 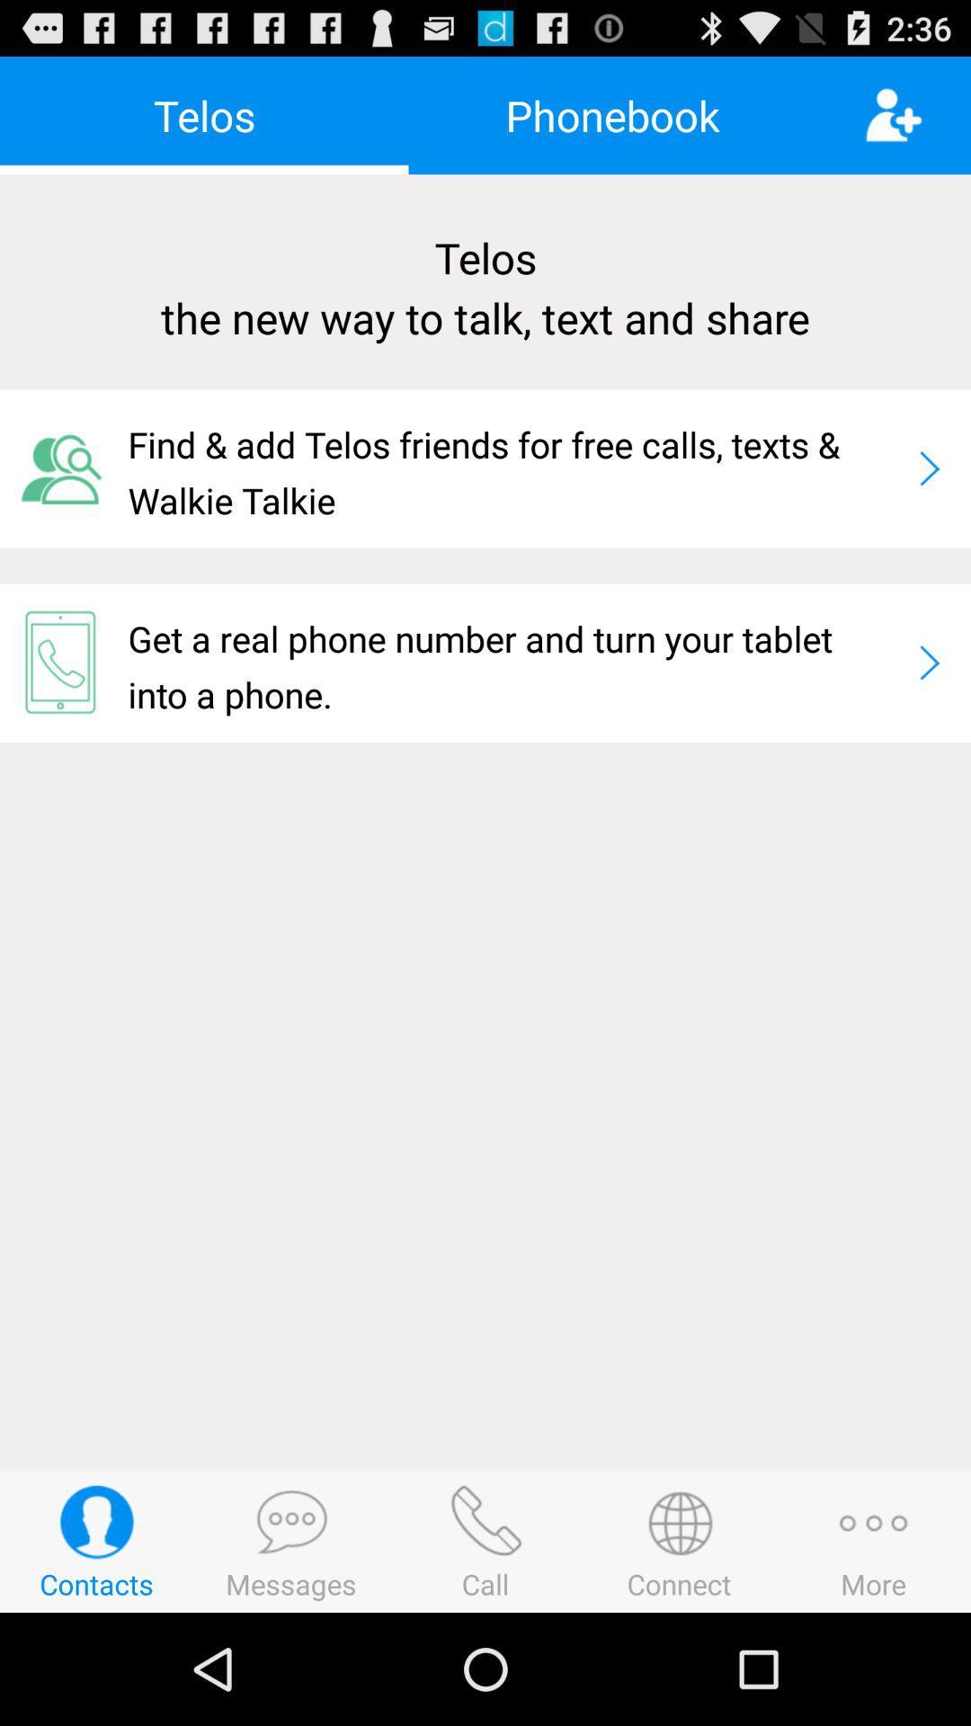 What do you see at coordinates (513, 662) in the screenshot?
I see `get a real item` at bounding box center [513, 662].